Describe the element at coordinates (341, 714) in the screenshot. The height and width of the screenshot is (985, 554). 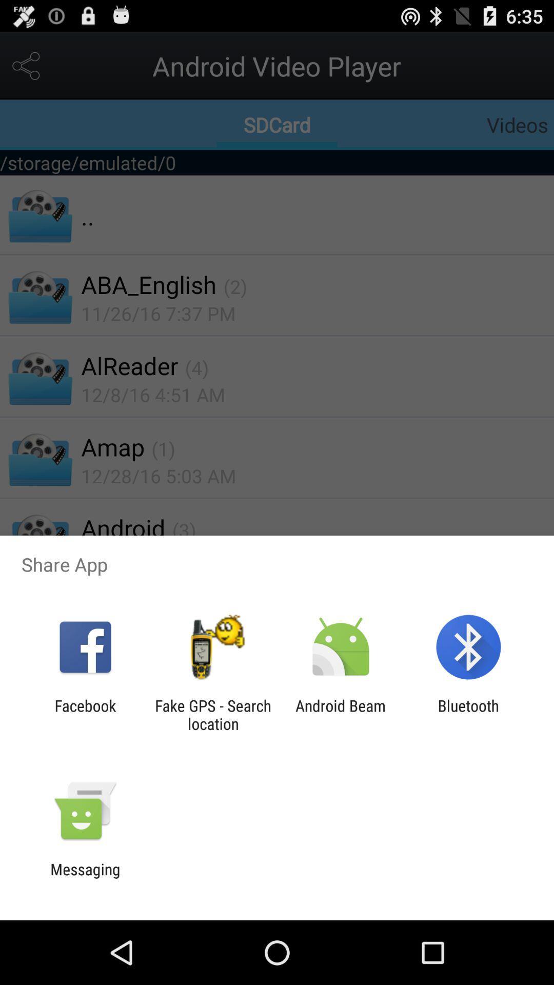
I see `the android beam` at that location.